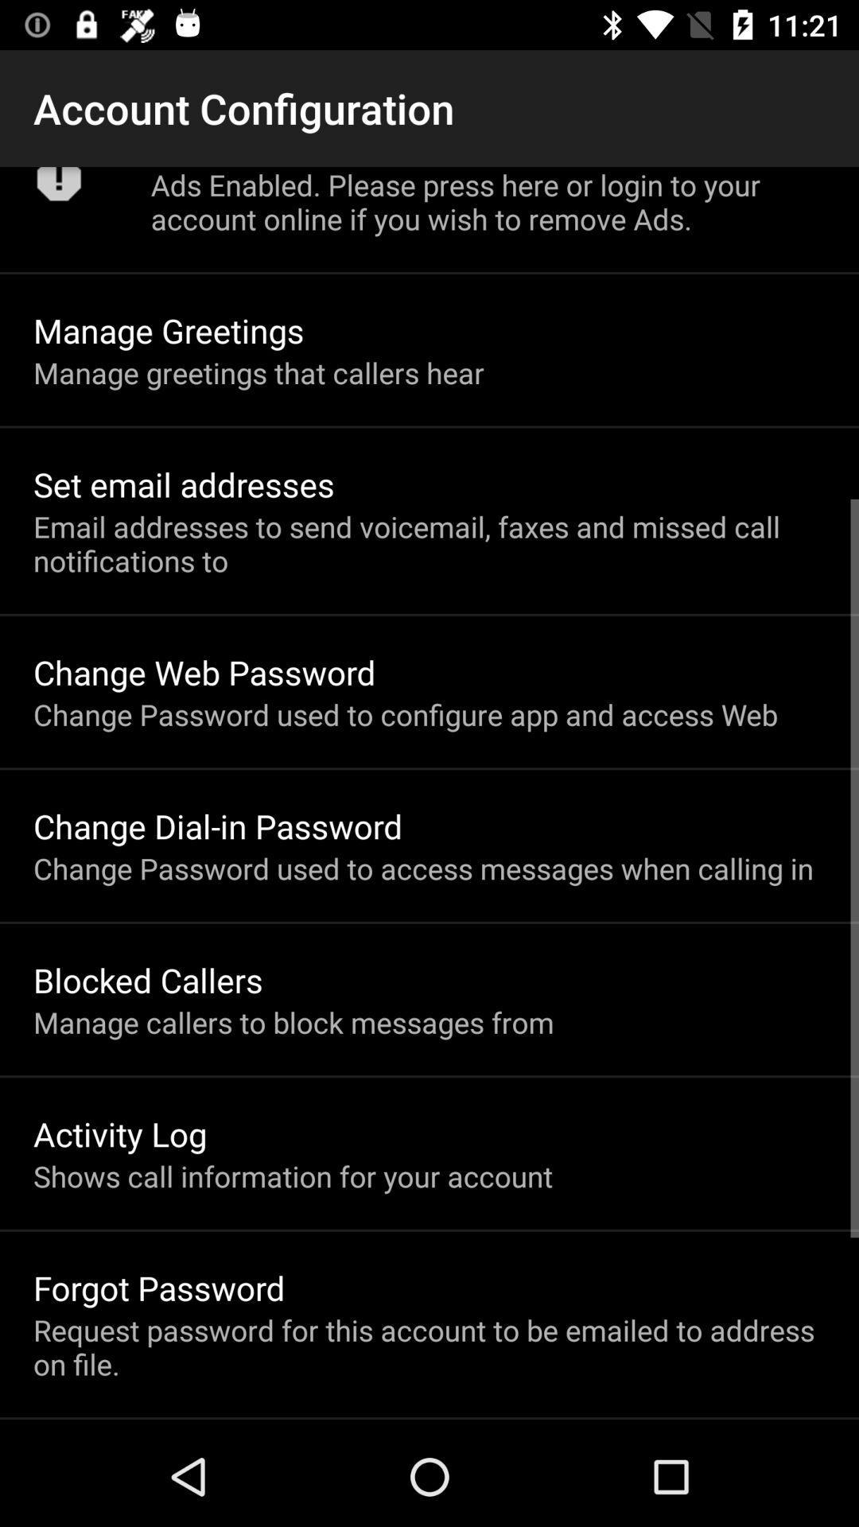  Describe the element at coordinates (58, 189) in the screenshot. I see `the icon to the left of ads enabled please icon` at that location.